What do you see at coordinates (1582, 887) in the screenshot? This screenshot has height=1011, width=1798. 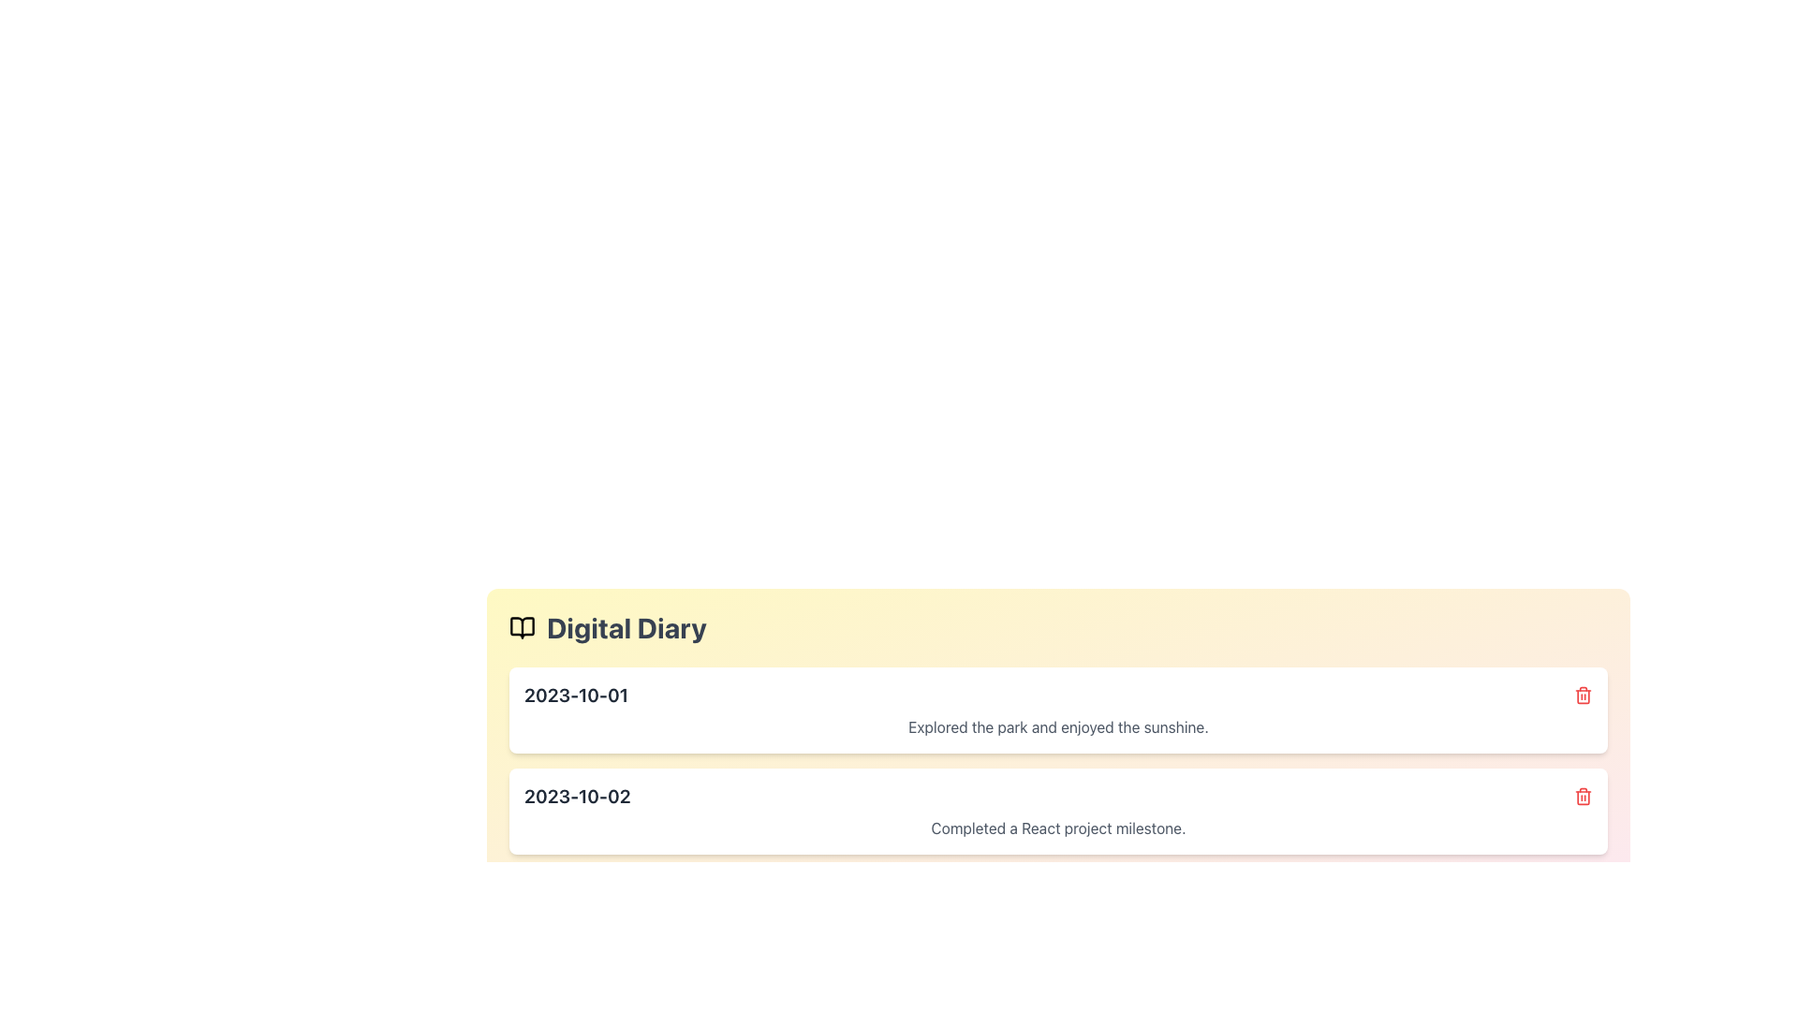 I see `the small, square-shaped blue button with a white plus sign` at bounding box center [1582, 887].